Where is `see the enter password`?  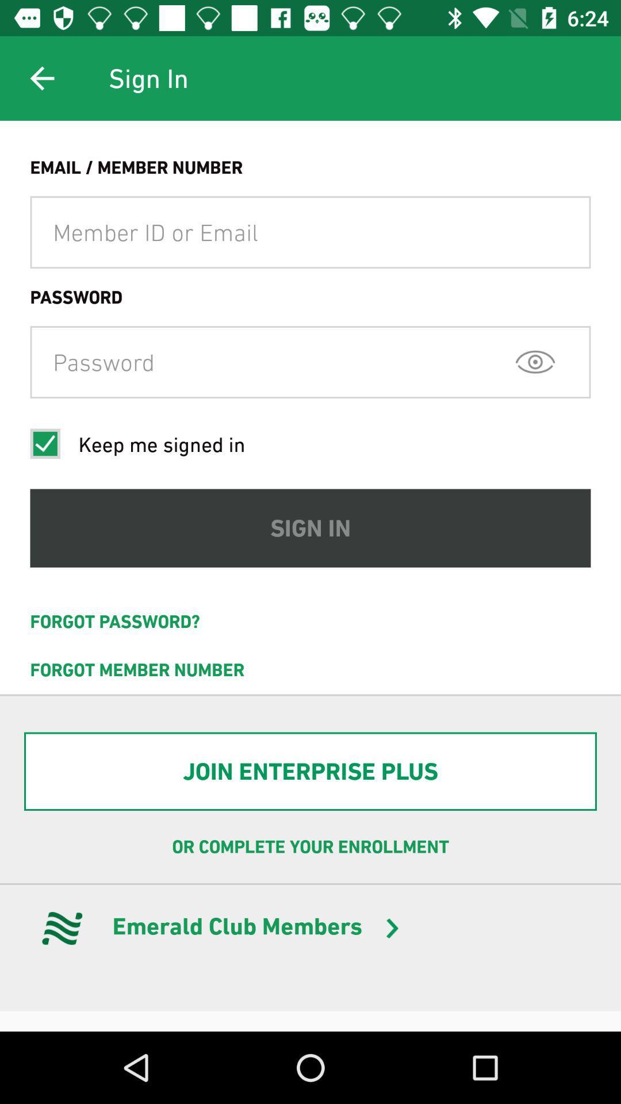 see the enter password is located at coordinates (535, 361).